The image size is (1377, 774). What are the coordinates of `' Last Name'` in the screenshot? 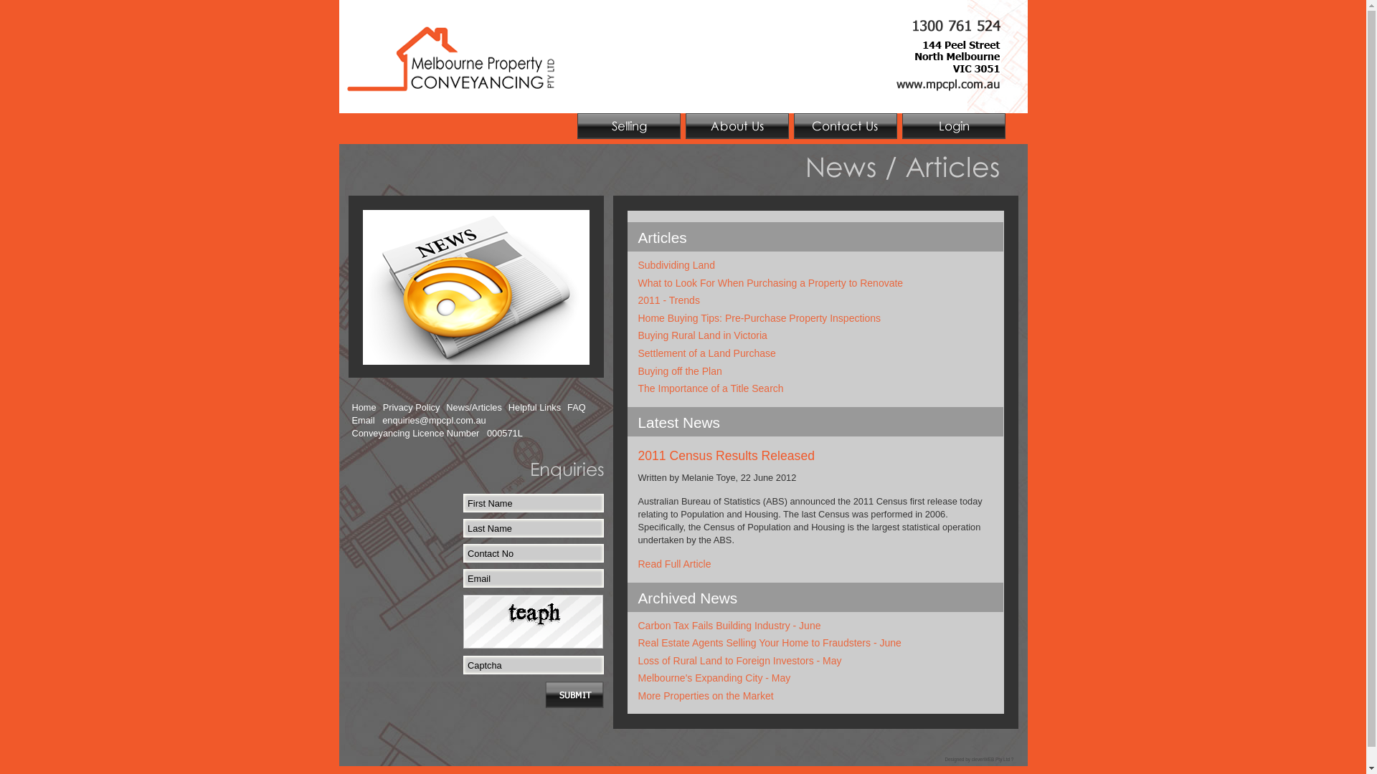 It's located at (463, 527).